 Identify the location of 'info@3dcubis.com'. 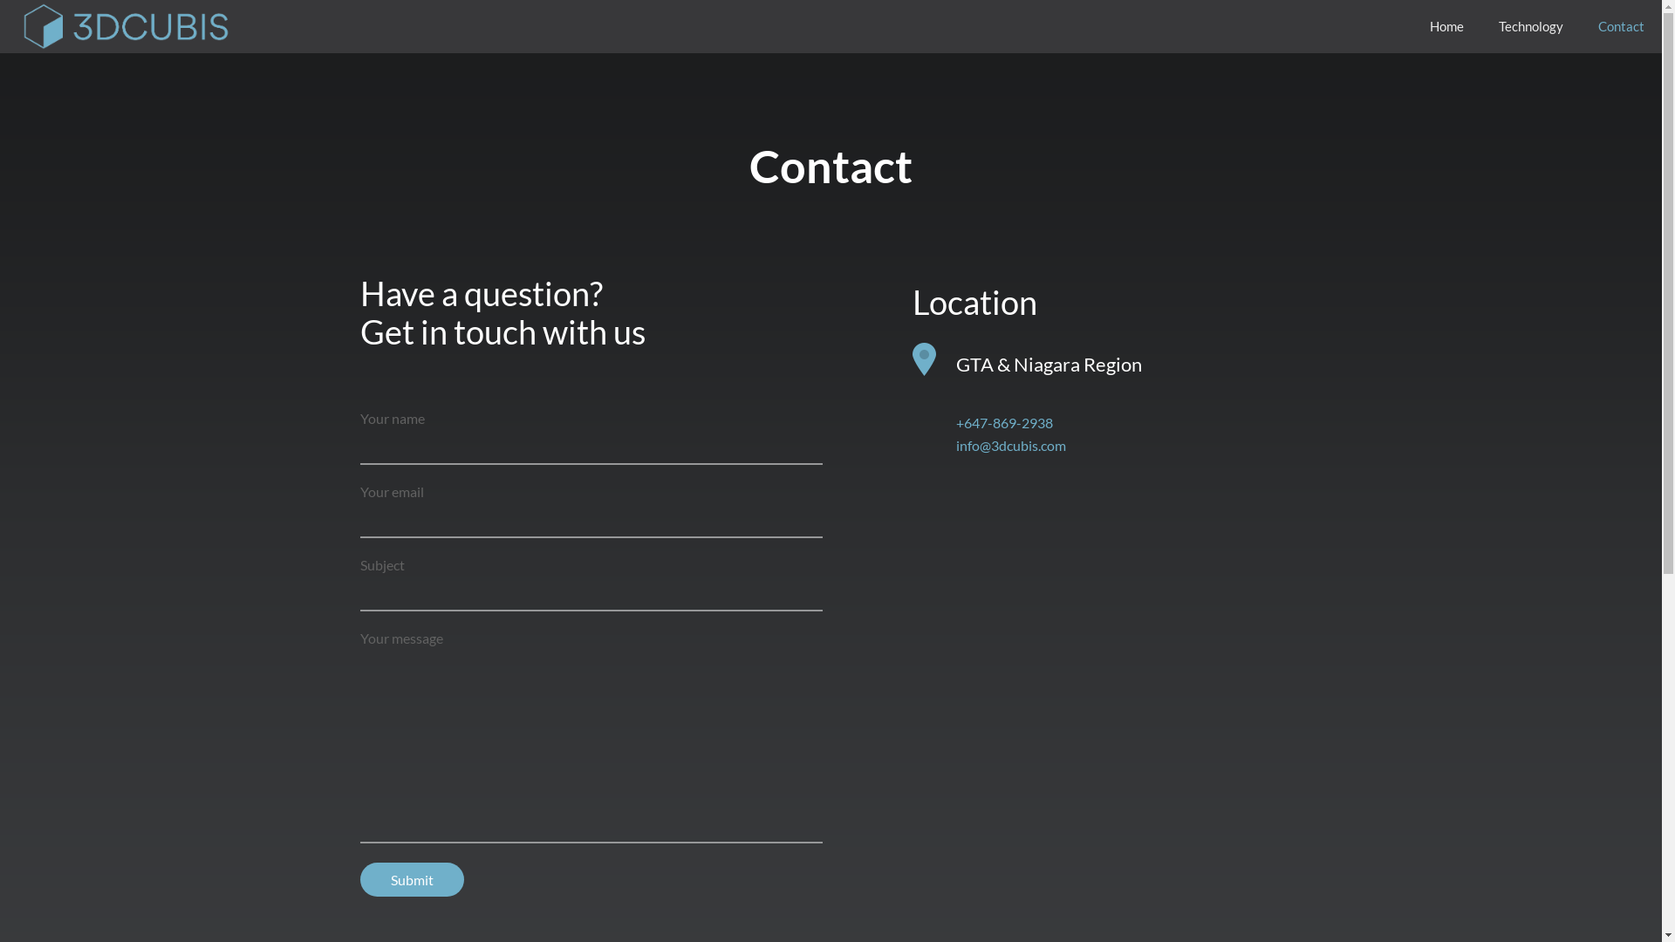
(1010, 444).